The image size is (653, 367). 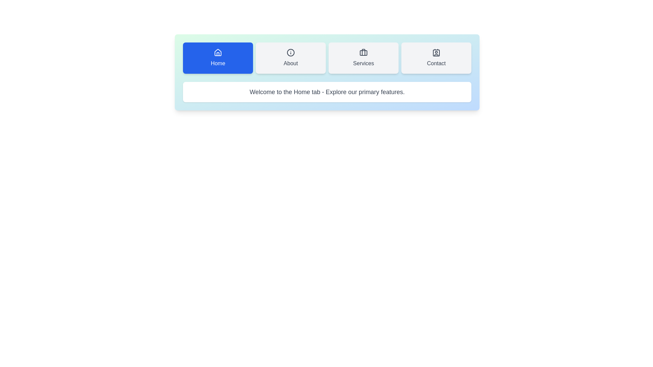 What do you see at coordinates (218, 63) in the screenshot?
I see `the 'Home' text label element, which is styled in white on a blue background and located at the top left of the UI among other buttons` at bounding box center [218, 63].